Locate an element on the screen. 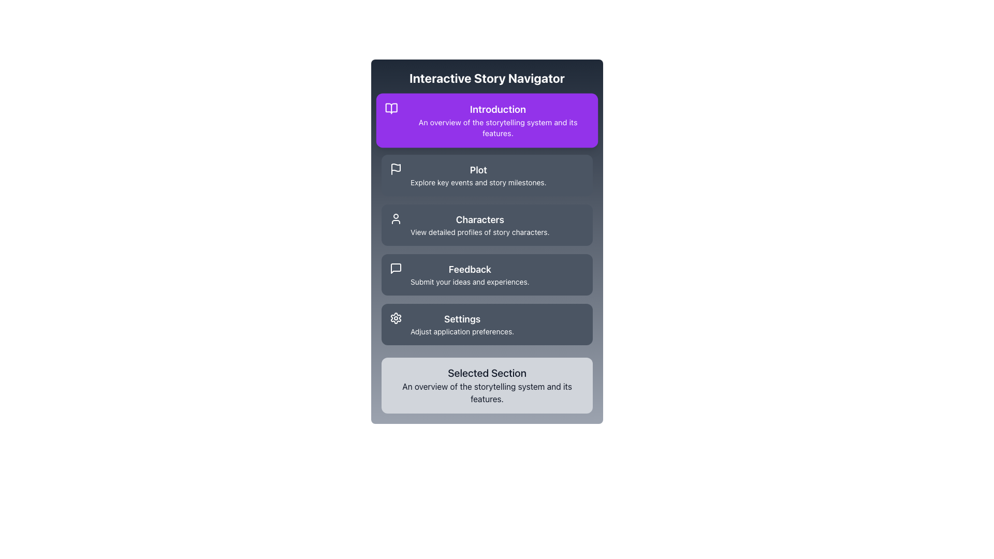 Image resolution: width=994 pixels, height=559 pixels. the speech bubble icon located in the 'Feedback' section, positioned directly to the left of the 'Submit your ideas and experiences' text is located at coordinates (395, 268).